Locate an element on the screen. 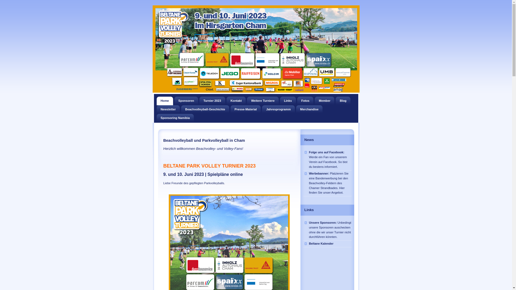  'Sponsoren is located at coordinates (186, 101).